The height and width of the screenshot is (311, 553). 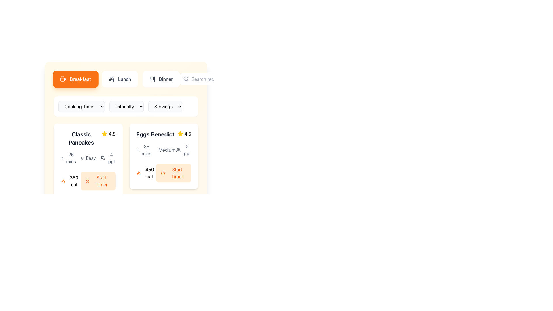 I want to click on the rating displayed as text in the rating section adjacent to the star icon for the 'Eggs Benedict' item card, so click(x=188, y=134).